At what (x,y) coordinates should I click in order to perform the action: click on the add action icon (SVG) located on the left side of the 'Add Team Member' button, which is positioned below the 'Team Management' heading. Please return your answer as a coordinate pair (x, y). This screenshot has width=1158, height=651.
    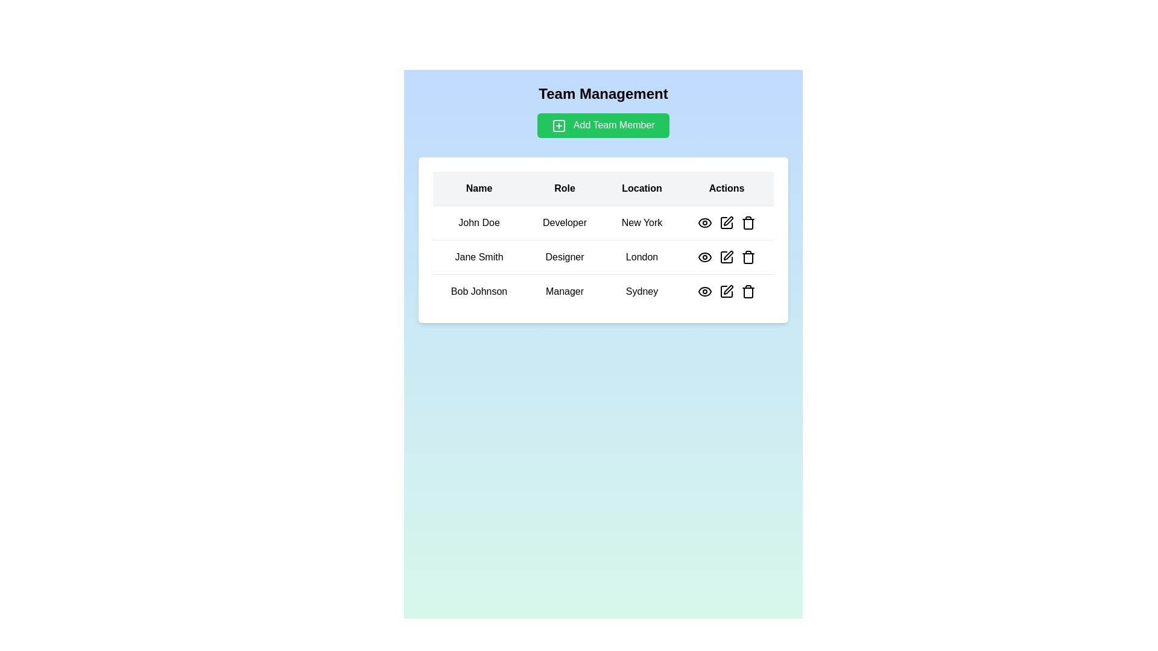
    Looking at the image, I should click on (558, 125).